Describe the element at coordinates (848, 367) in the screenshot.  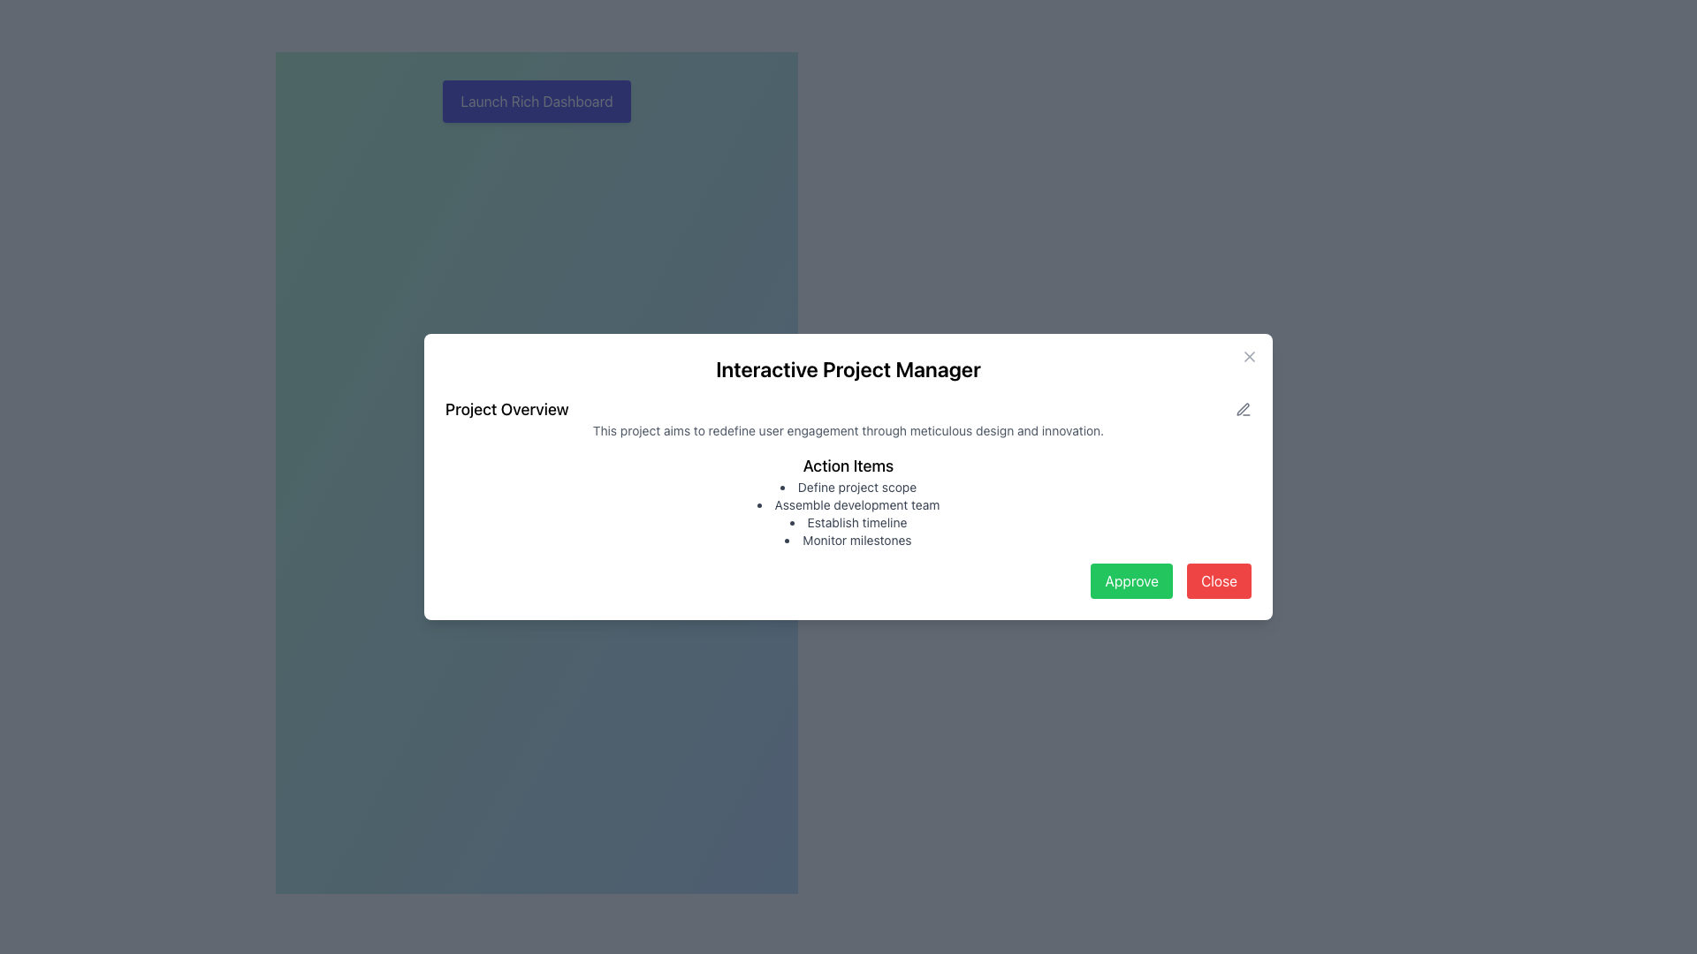
I see `the text element displaying 'Interactive Project Manager', which is bold and large-sized, centrally aligned at the top of the modal popup` at that location.